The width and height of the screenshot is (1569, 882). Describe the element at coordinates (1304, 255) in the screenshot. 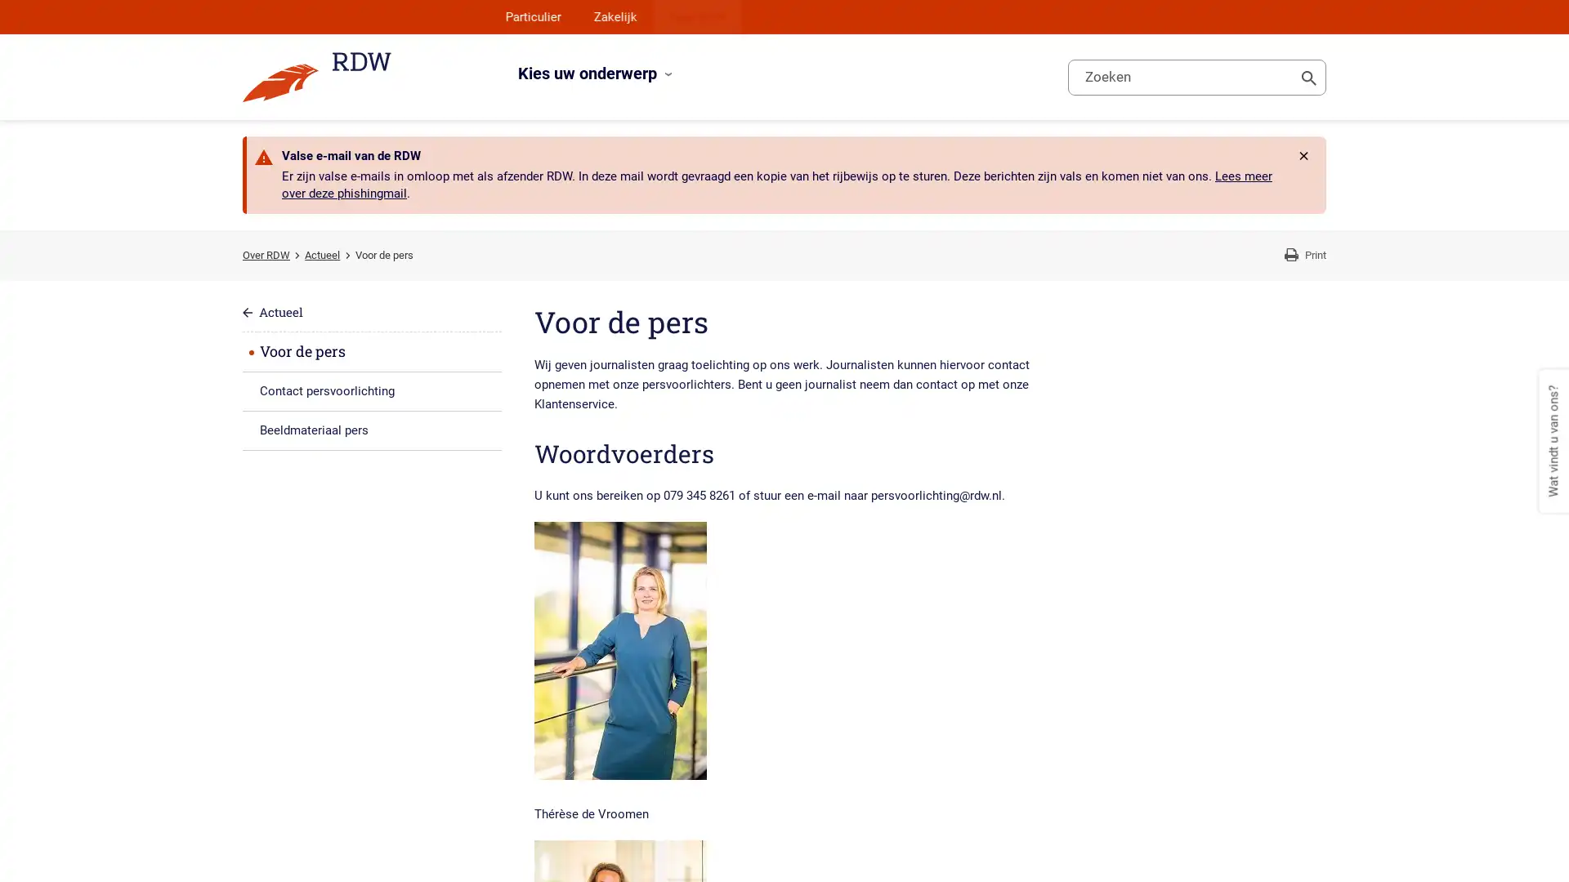

I see `Print` at that location.